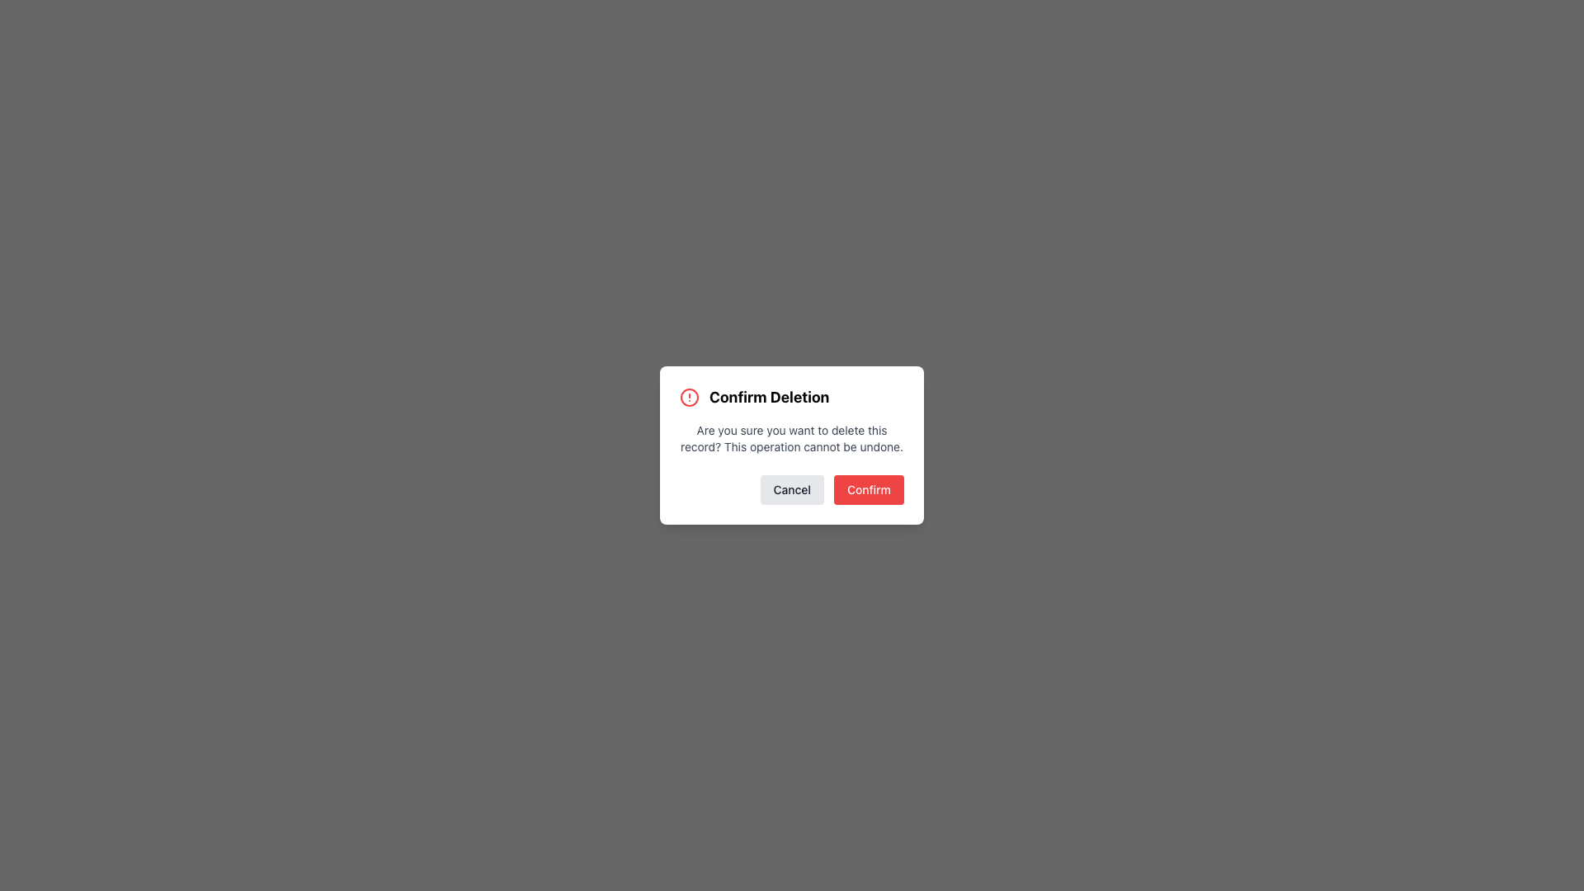 This screenshot has height=891, width=1584. I want to click on text from the primary title or heading Text Label located centrally aligned in the dialog box, positioned to the right of the circular red alert icon, so click(768, 398).